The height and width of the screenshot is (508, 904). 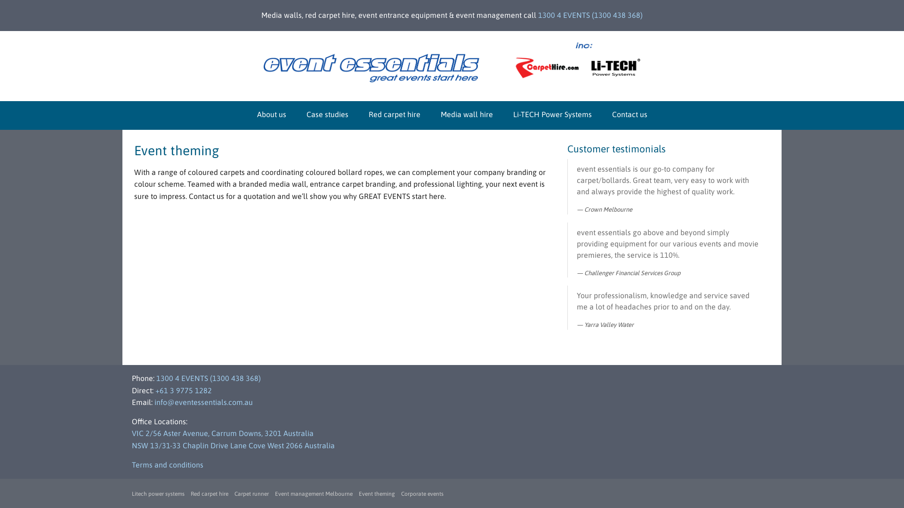 What do you see at coordinates (209, 493) in the screenshot?
I see `'Red carpet hire'` at bounding box center [209, 493].